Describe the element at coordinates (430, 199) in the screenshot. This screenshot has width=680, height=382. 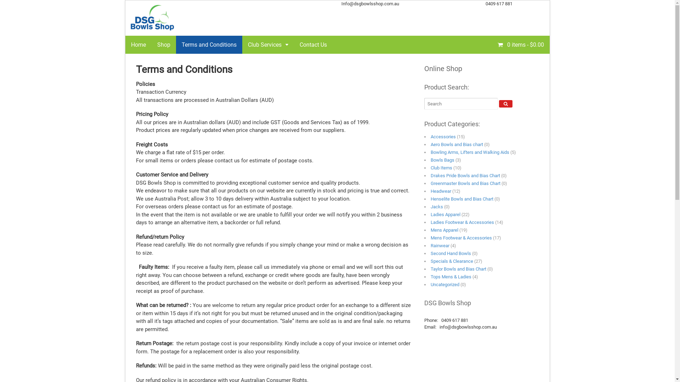
I see `'Henselite Bowls and Bias Chart'` at that location.